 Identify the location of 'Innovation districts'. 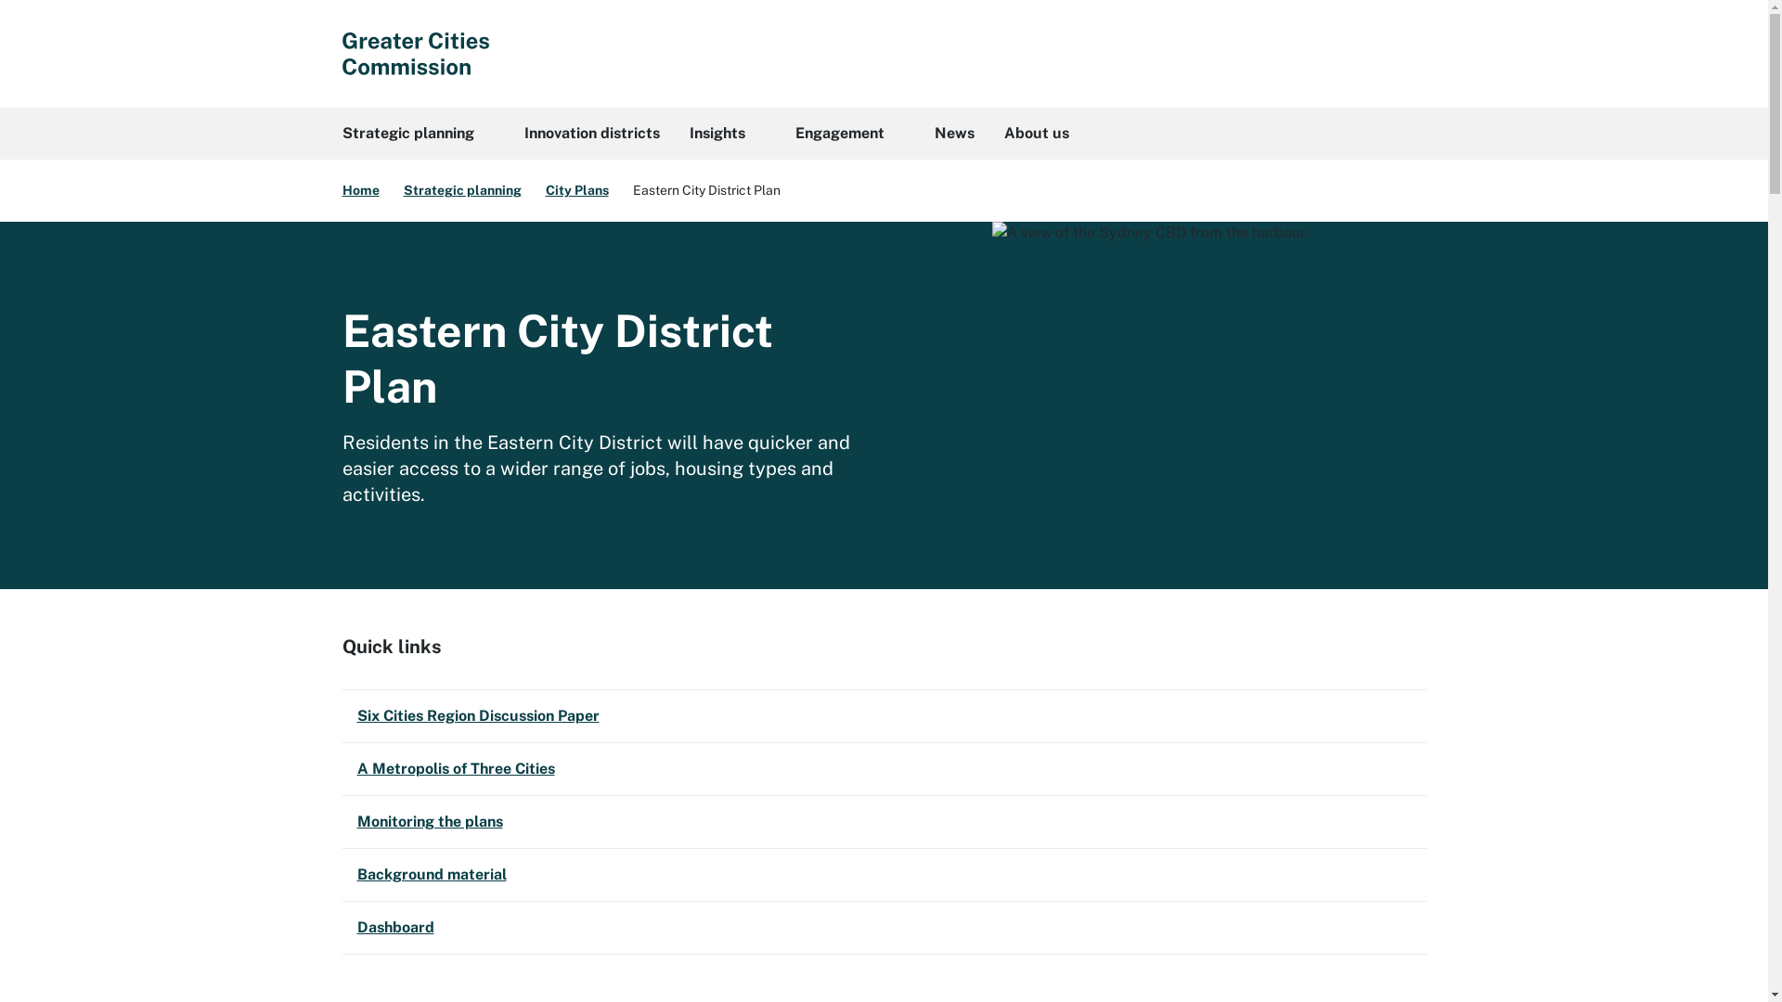
(590, 132).